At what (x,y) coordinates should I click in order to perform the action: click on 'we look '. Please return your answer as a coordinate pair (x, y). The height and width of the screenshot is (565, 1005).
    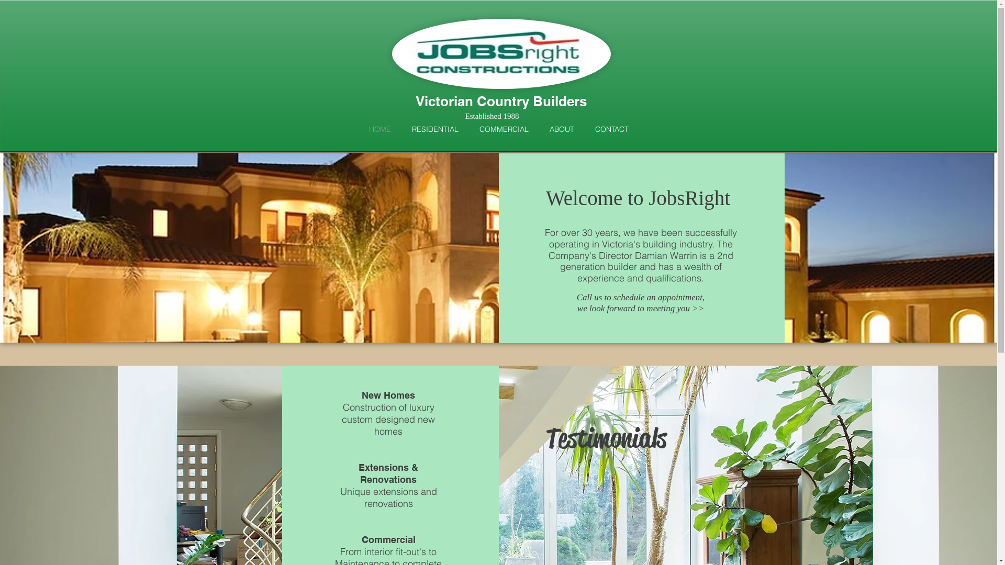
    Looking at the image, I should click on (592, 308).